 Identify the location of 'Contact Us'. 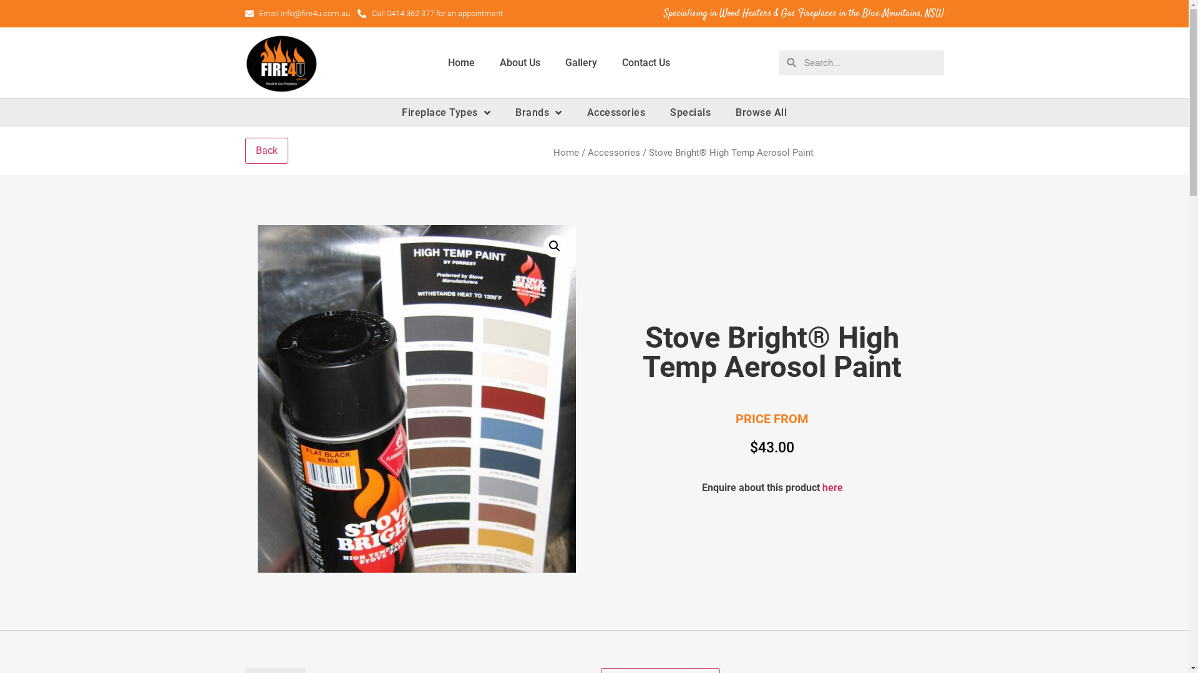
(608, 62).